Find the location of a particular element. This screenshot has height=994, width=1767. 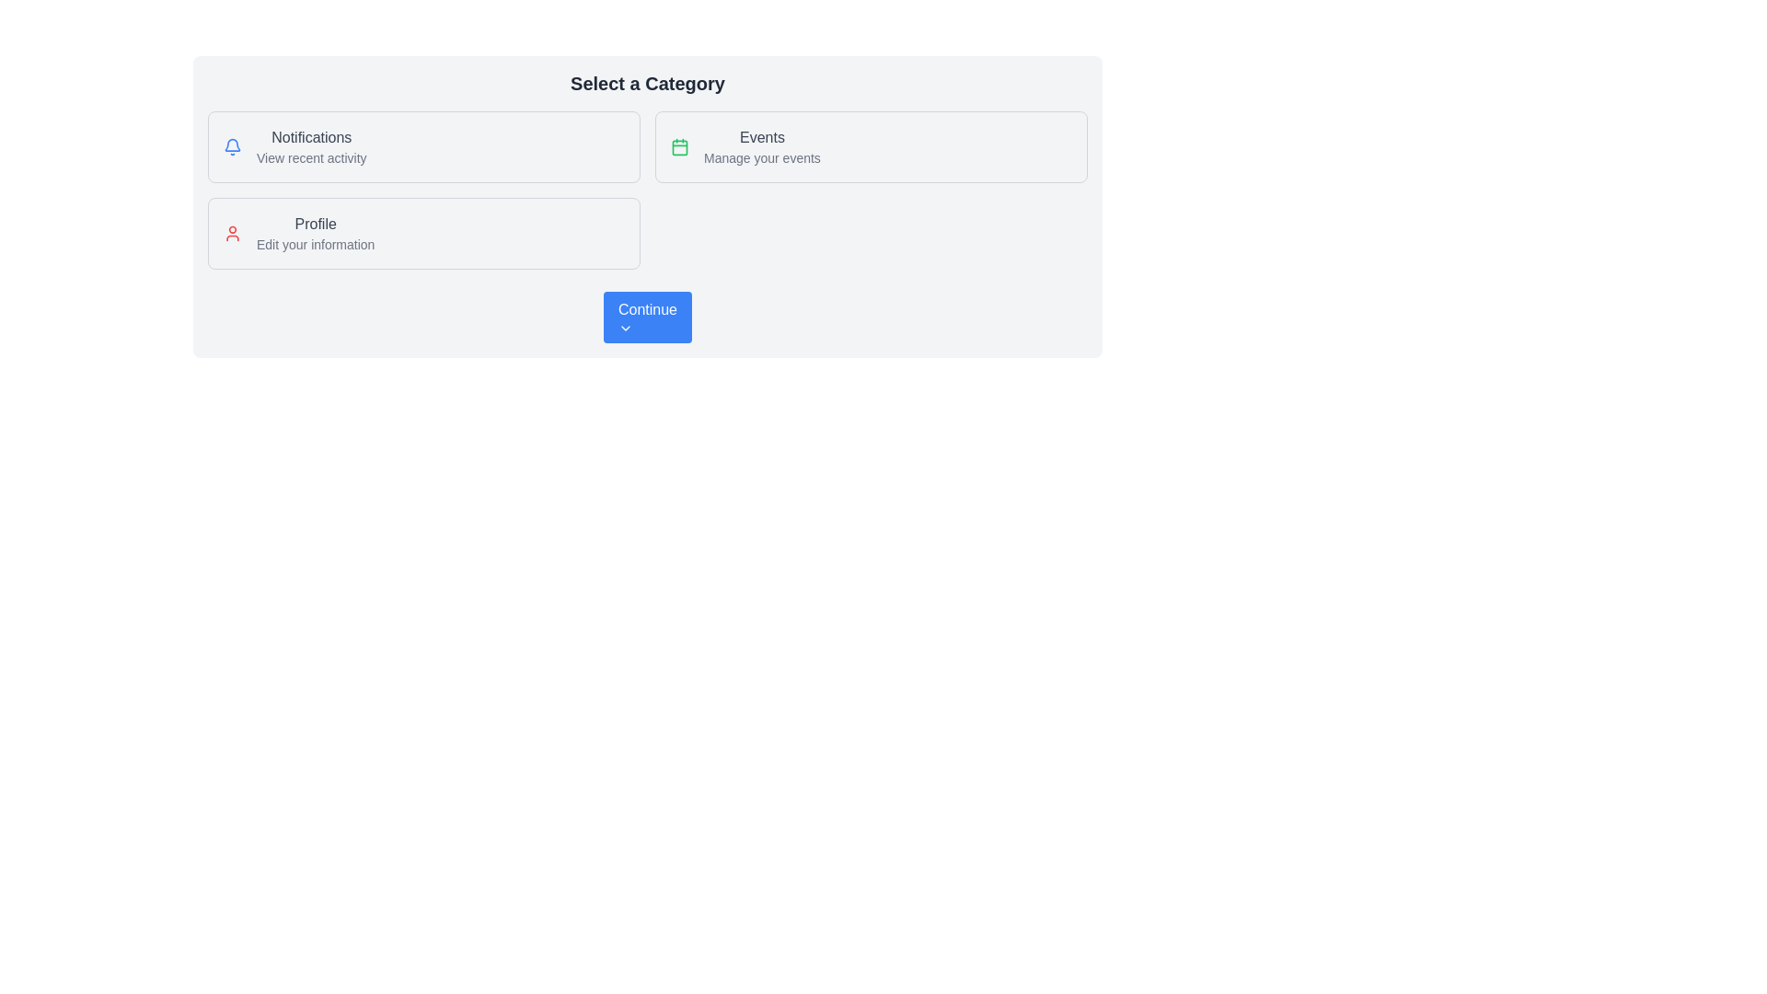

the title and subtitle text block of the 'Notifications' feature, which is located in the top-left area of the layout grid, above the 'Profile' card is located at coordinates (311, 145).